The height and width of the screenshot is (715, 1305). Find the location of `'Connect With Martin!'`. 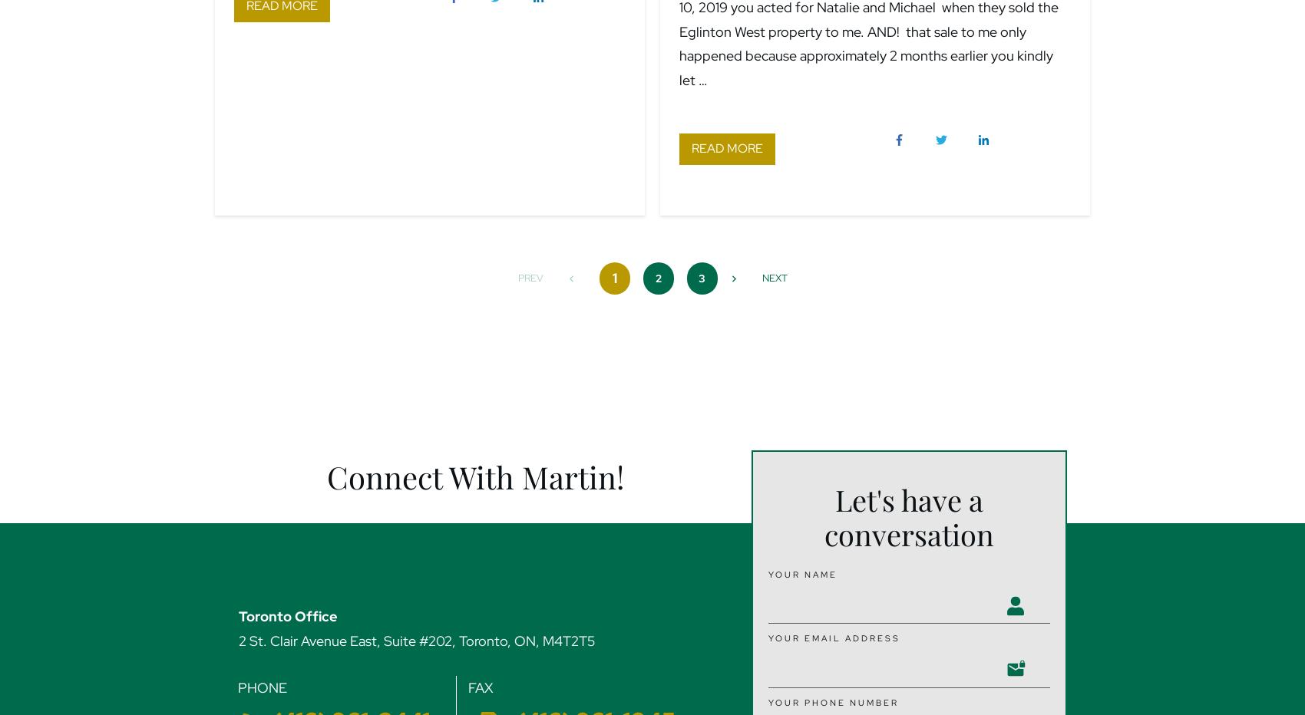

'Connect With Martin!' is located at coordinates (474, 476).